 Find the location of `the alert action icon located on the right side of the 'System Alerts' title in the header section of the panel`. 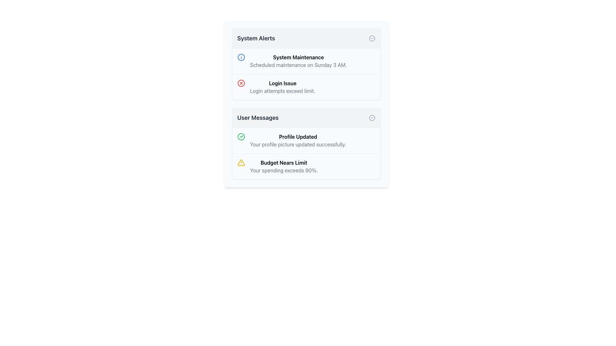

the alert action icon located on the right side of the 'System Alerts' title in the header section of the panel is located at coordinates (372, 38).